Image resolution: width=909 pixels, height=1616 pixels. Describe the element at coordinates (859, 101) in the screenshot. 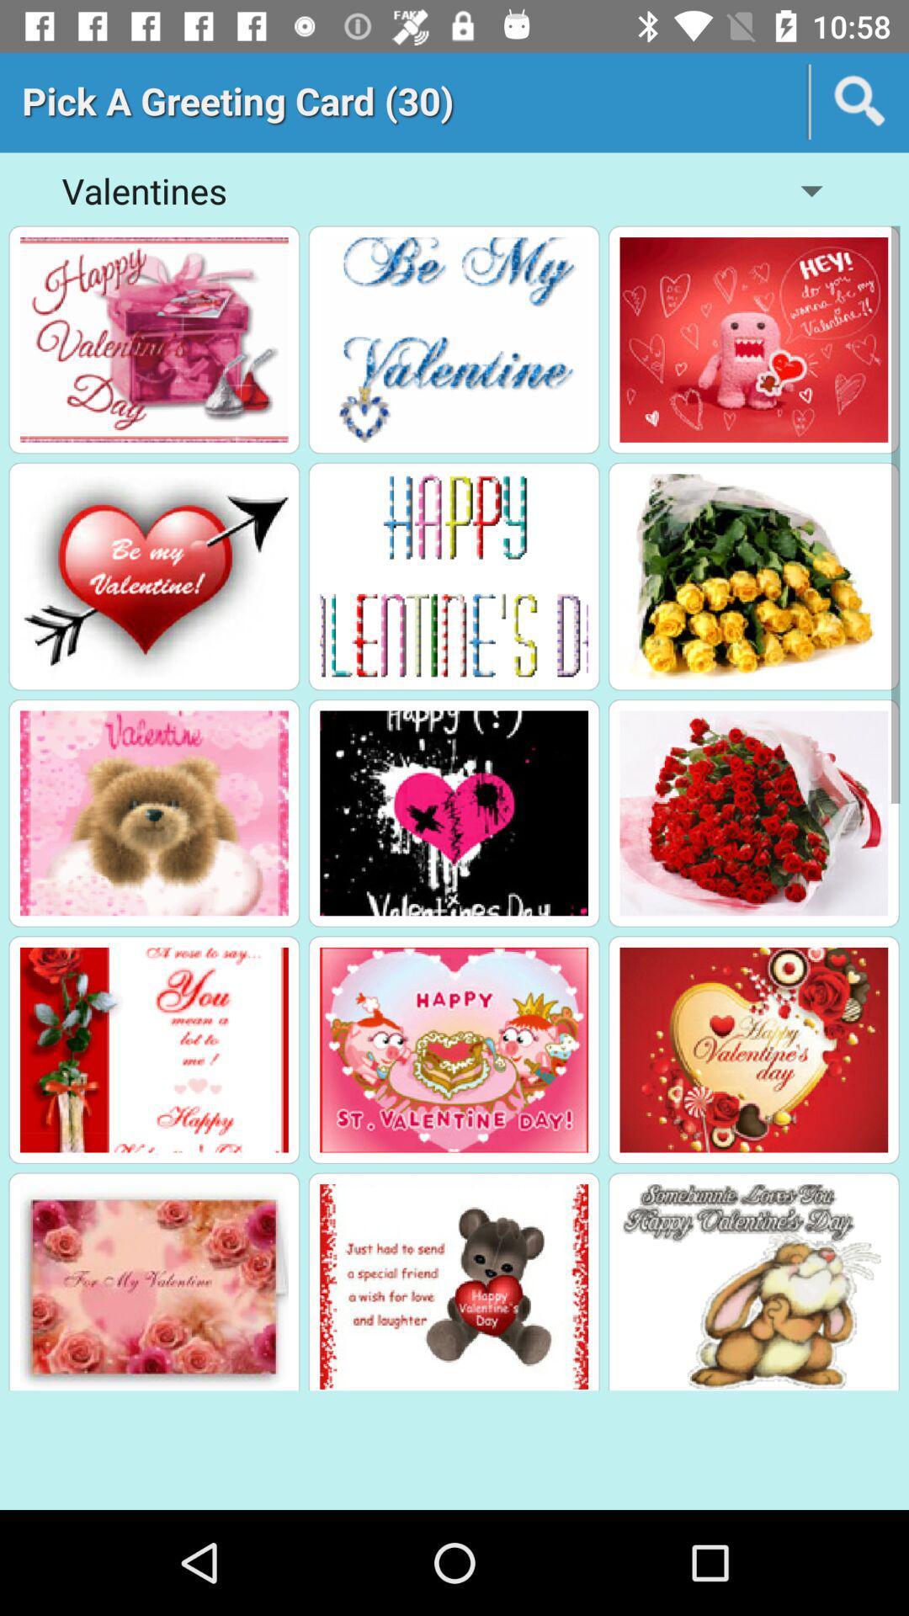

I see `search icon` at that location.